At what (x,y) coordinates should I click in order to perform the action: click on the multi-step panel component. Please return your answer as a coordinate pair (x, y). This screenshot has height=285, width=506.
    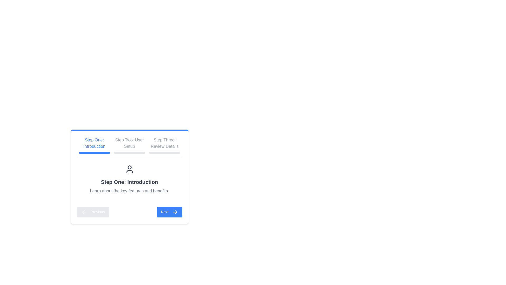
    Looking at the image, I should click on (129, 177).